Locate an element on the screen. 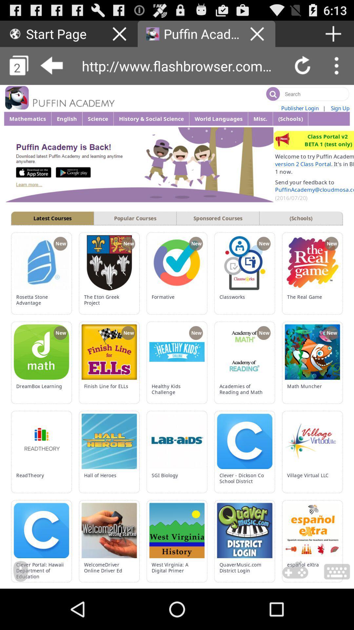  the close icon is located at coordinates (120, 36).